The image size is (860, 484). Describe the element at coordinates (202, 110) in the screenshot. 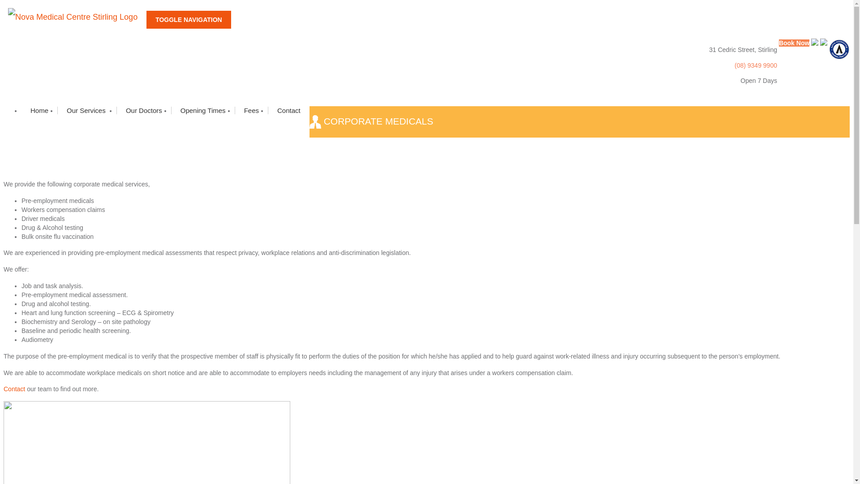

I see `'Opening Times'` at that location.